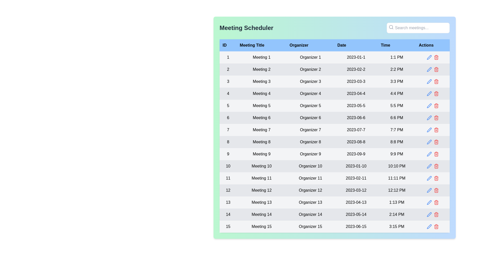 The image size is (484, 272). What do you see at coordinates (356, 70) in the screenshot?
I see `the TextLabel displaying the scheduled date for 'Meeting 2' in the table under the 'Date' column` at bounding box center [356, 70].